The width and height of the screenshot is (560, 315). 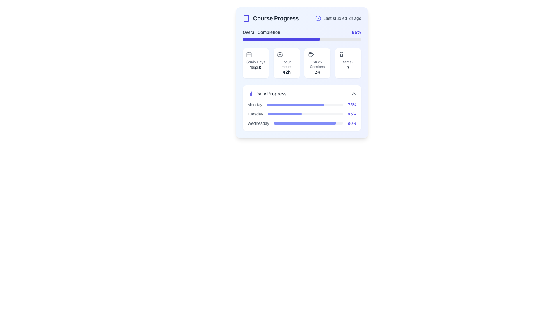 What do you see at coordinates (256, 67) in the screenshot?
I see `the label displaying '18/30' in bold grayish-black font, located below the 'Study Days' label in the 'Course Progress' section` at bounding box center [256, 67].